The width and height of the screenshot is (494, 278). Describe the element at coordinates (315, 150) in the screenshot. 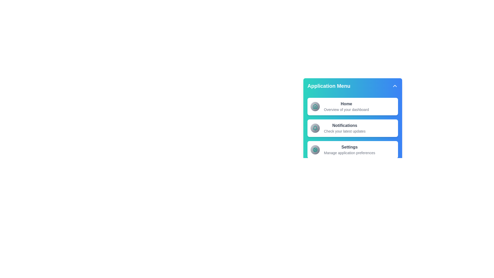

I see `the icon of the Settings menu item to trigger its associated action` at that location.